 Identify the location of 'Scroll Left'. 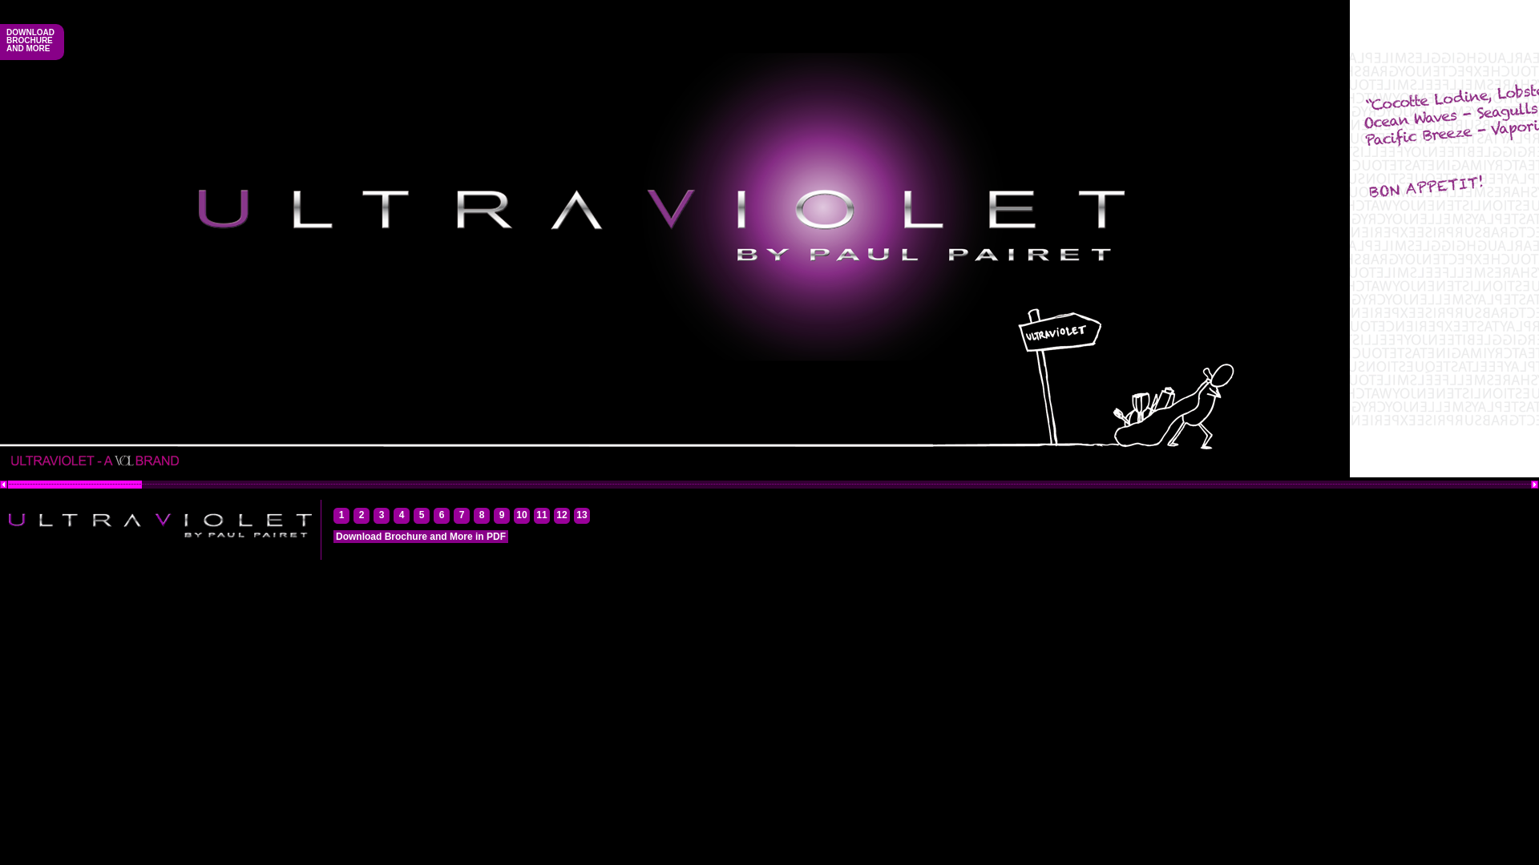
(3, 484).